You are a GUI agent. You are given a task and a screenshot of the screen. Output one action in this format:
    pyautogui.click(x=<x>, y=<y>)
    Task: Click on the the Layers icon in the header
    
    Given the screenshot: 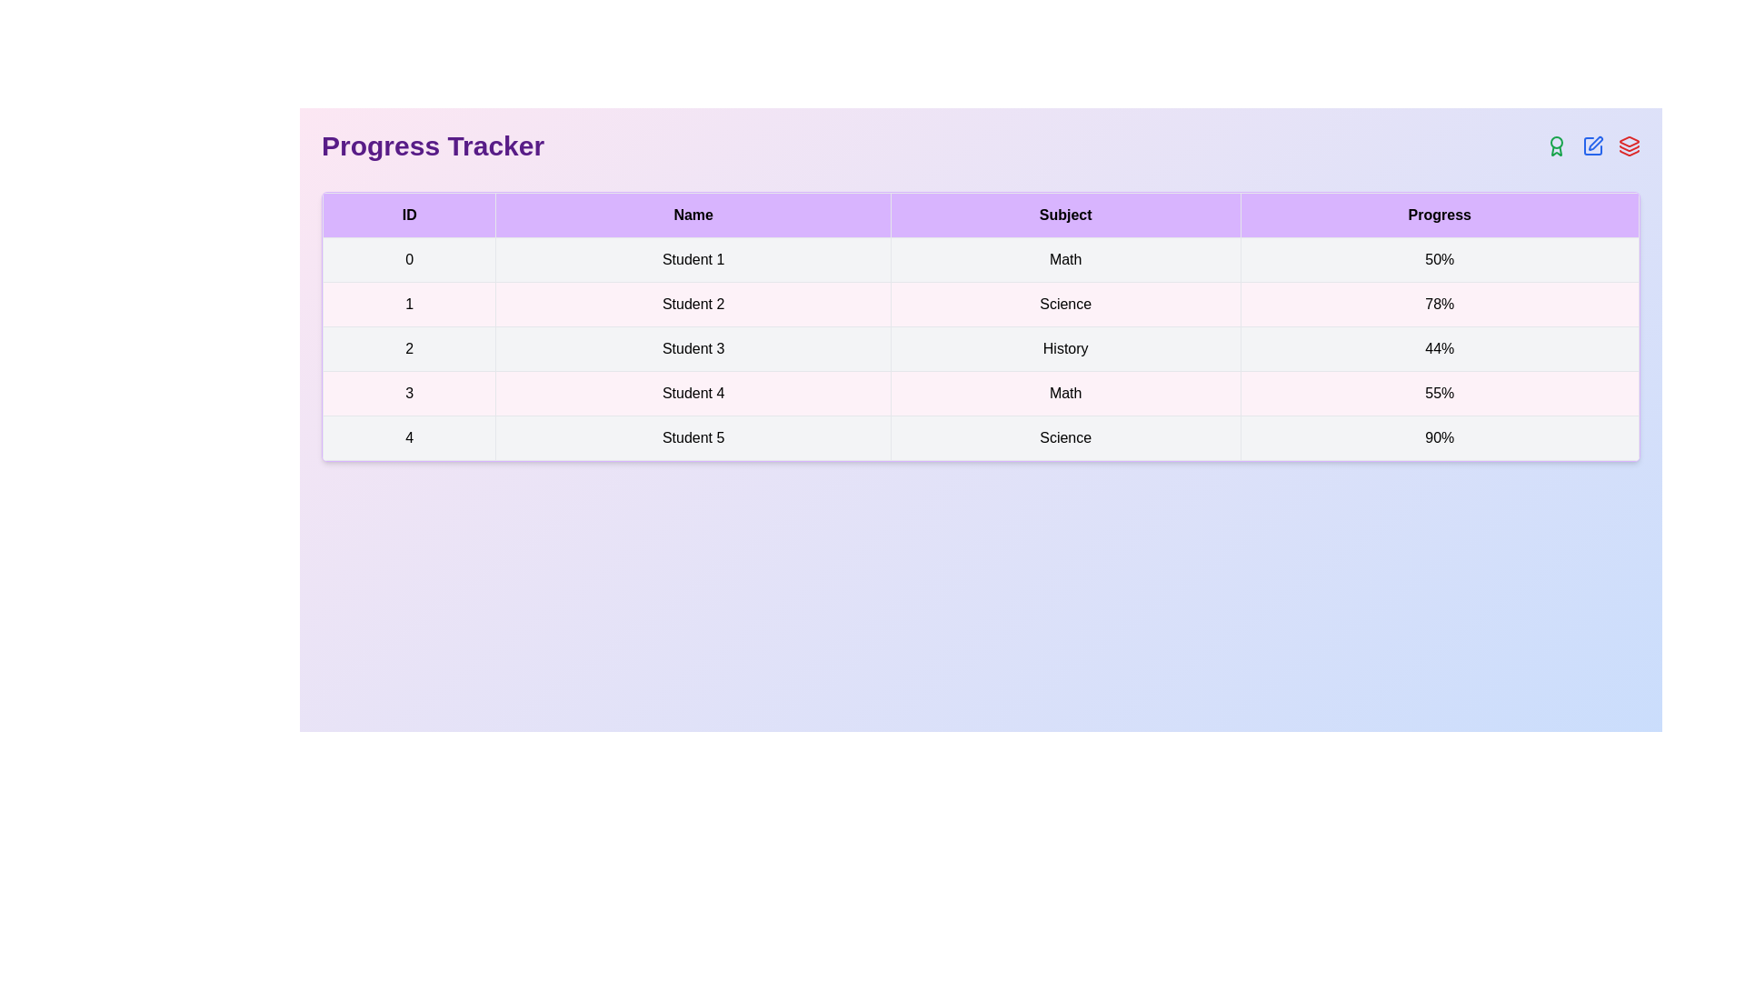 What is the action you would take?
    pyautogui.click(x=1630, y=145)
    